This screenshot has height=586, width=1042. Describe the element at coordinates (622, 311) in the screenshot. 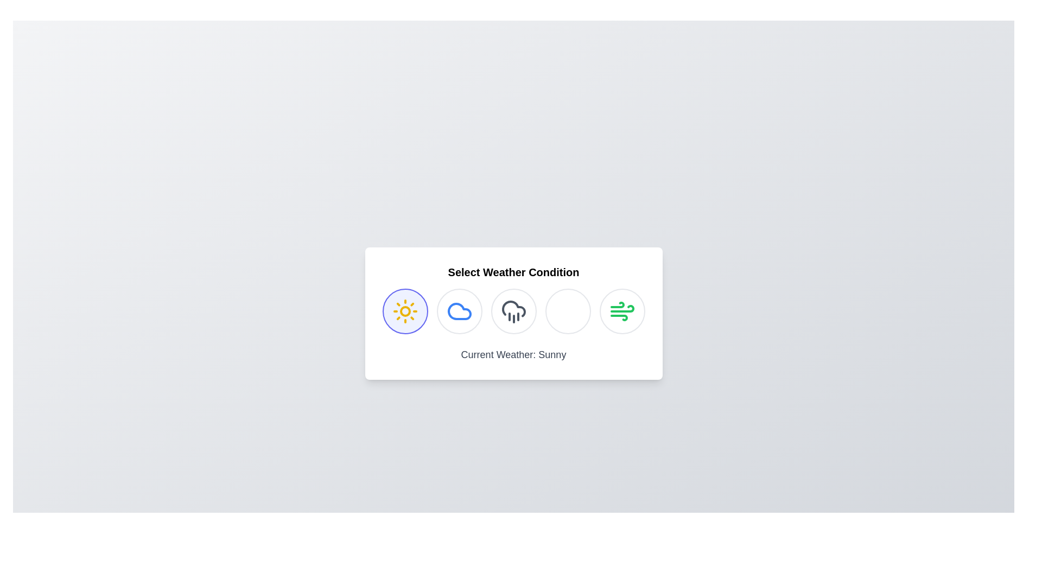

I see `the white circular button with a green wind icon` at that location.